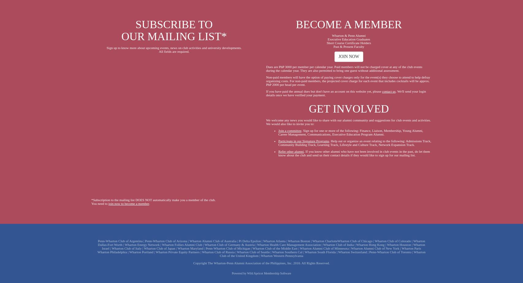 The width and height of the screenshot is (523, 283). Describe the element at coordinates (291, 151) in the screenshot. I see `'Refer other alumni'` at that location.